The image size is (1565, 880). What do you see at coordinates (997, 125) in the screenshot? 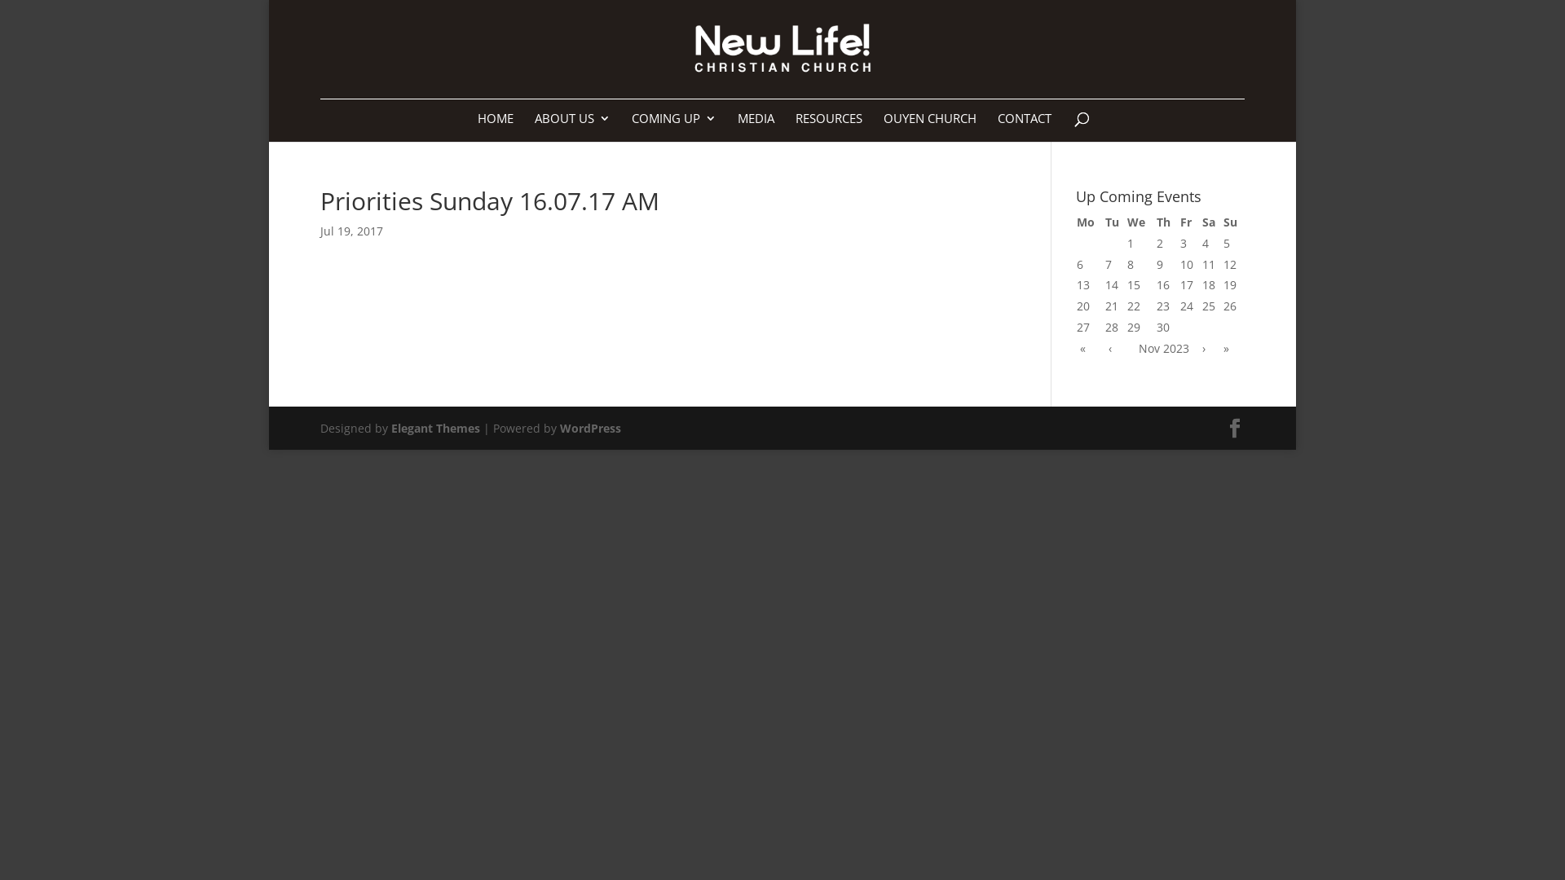
I see `'CONTACT'` at bounding box center [997, 125].